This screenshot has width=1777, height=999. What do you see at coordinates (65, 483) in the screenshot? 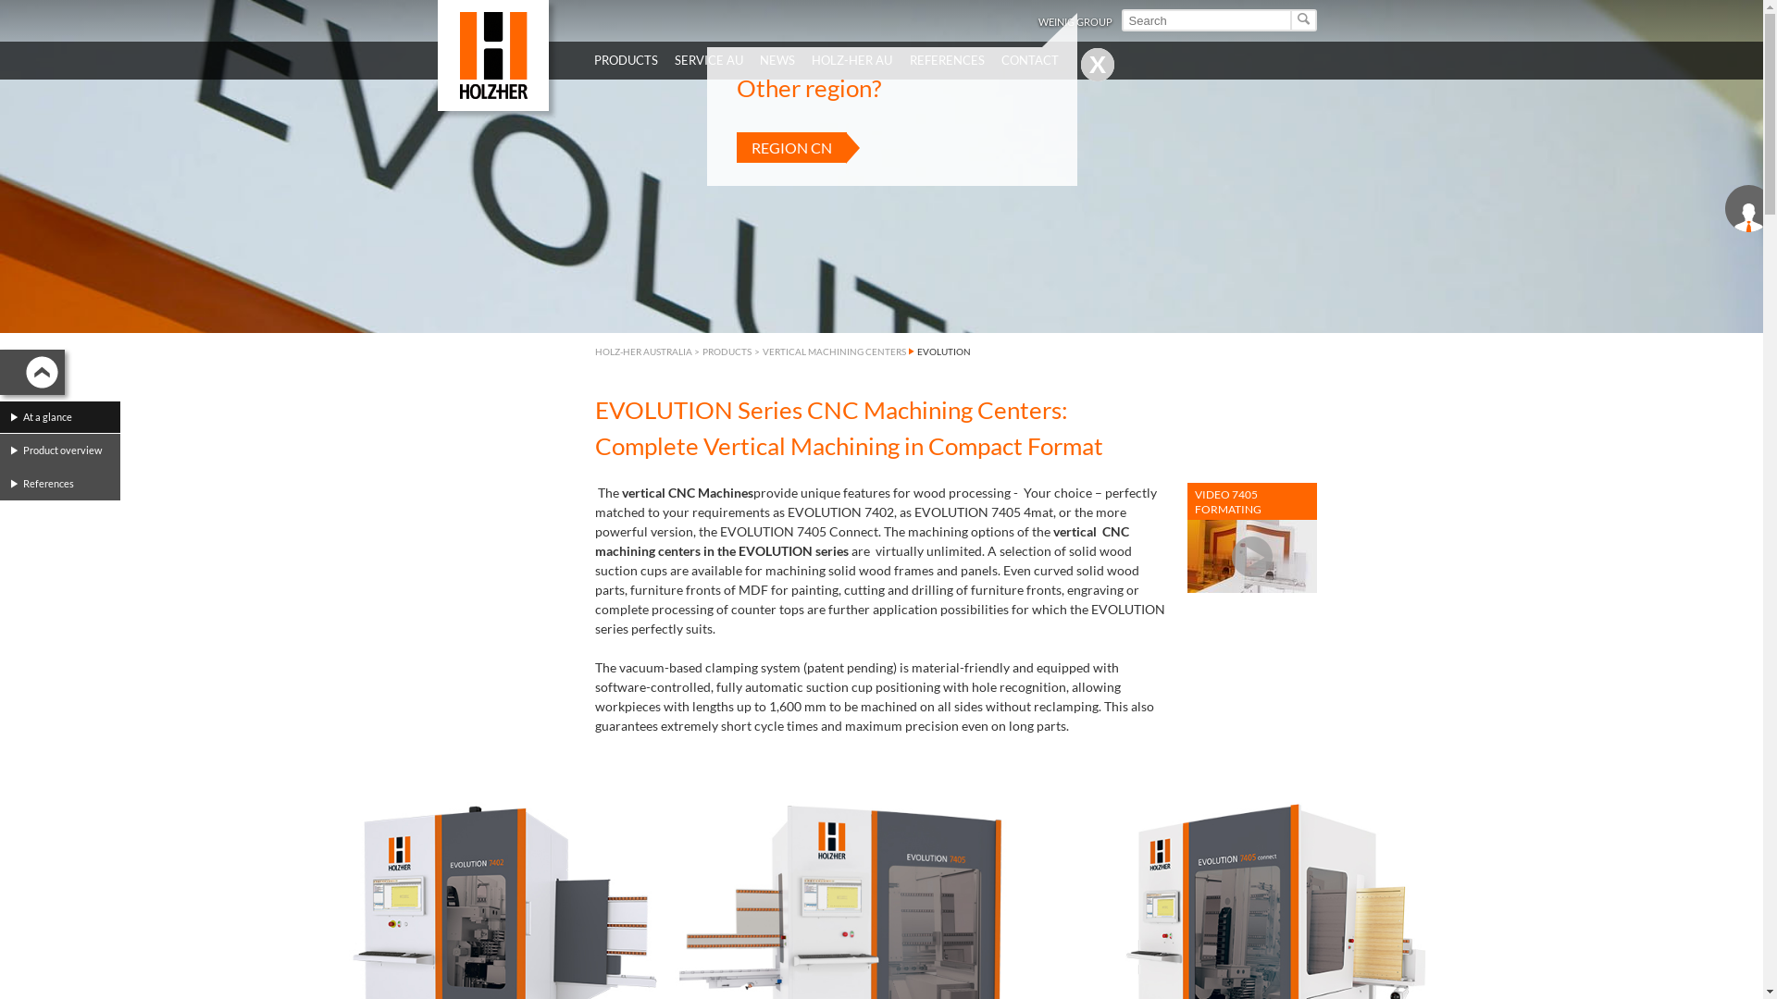
I see `'References'` at bounding box center [65, 483].